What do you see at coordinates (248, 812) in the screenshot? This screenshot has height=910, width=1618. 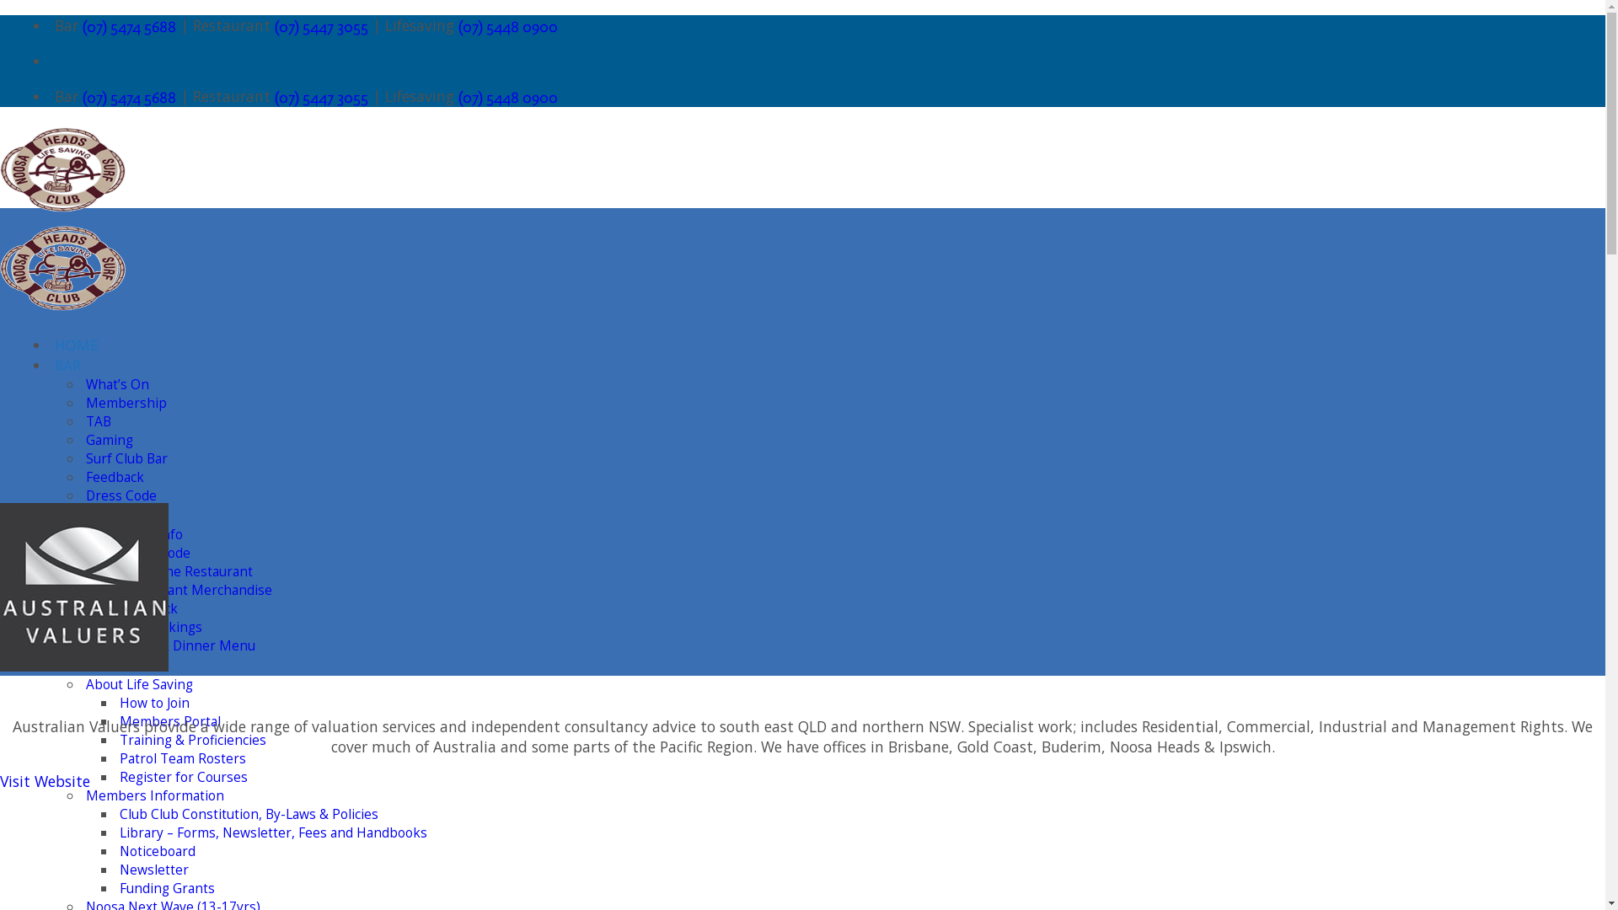 I see `'Club Club Constitution, By-Laws & Policies'` at bounding box center [248, 812].